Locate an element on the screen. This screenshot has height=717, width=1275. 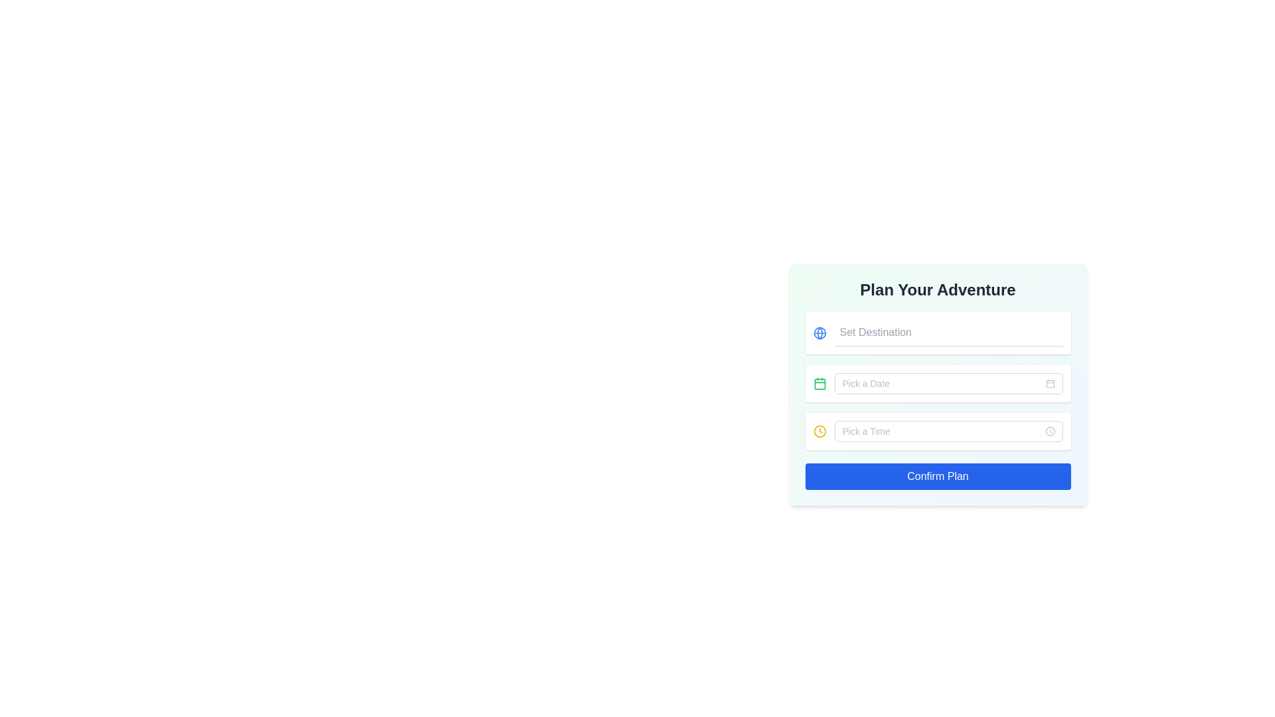
the circular graphical component within the SVG icon that denotes a global feature, aiding in the 'Set Destination' action is located at coordinates (819, 332).